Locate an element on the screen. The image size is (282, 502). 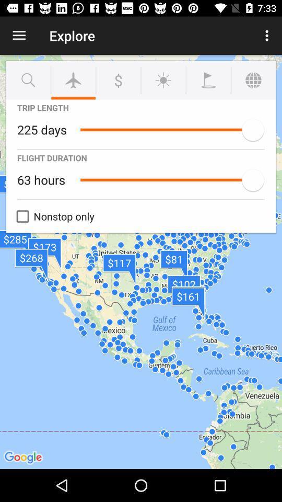
the nonstop only icon is located at coordinates (52, 216).